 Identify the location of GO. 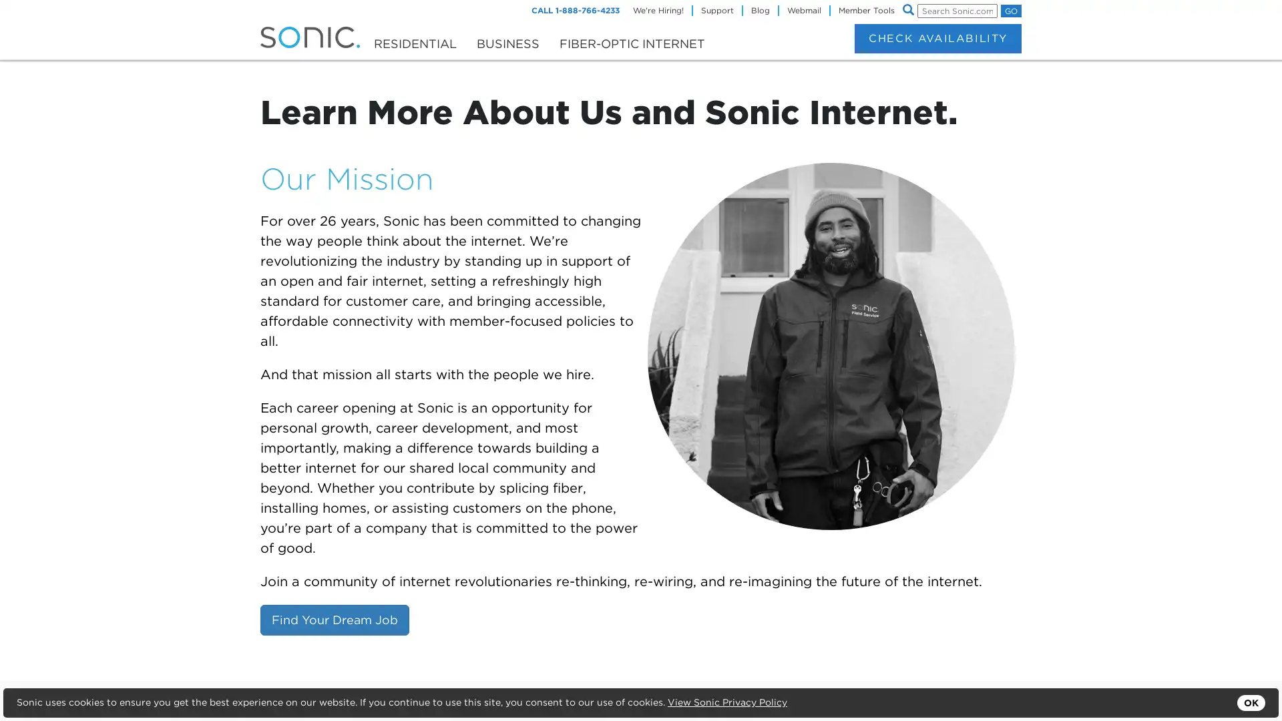
(1011, 11).